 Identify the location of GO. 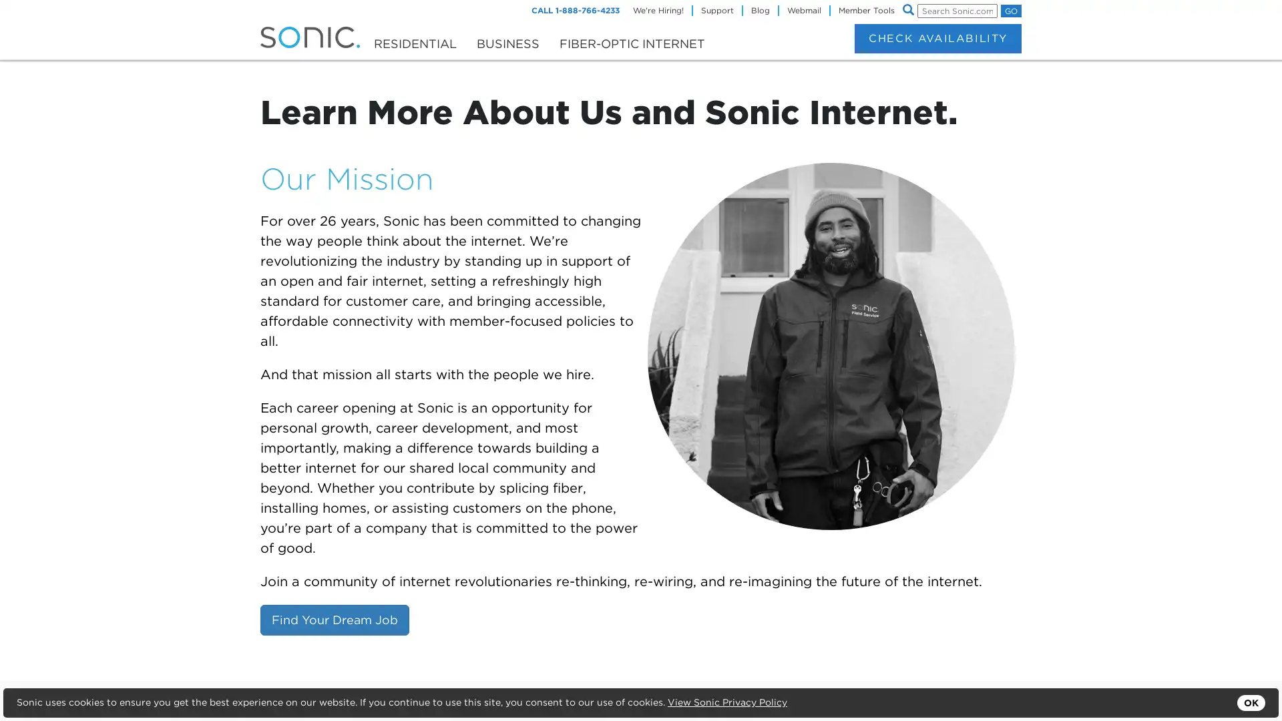
(1011, 11).